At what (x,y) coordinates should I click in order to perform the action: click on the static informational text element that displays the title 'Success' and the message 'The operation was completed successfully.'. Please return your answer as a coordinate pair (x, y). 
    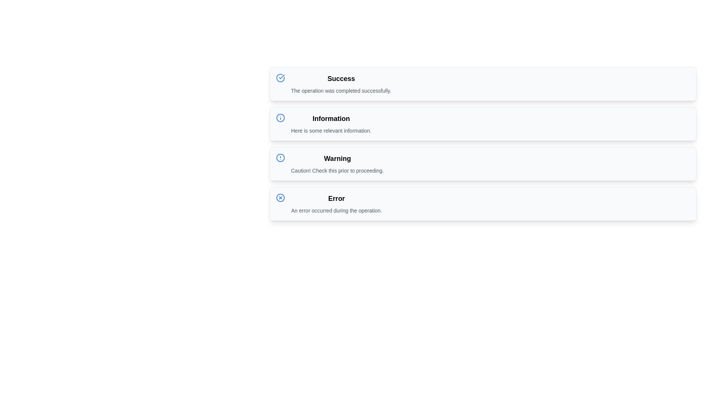
    Looking at the image, I should click on (341, 84).